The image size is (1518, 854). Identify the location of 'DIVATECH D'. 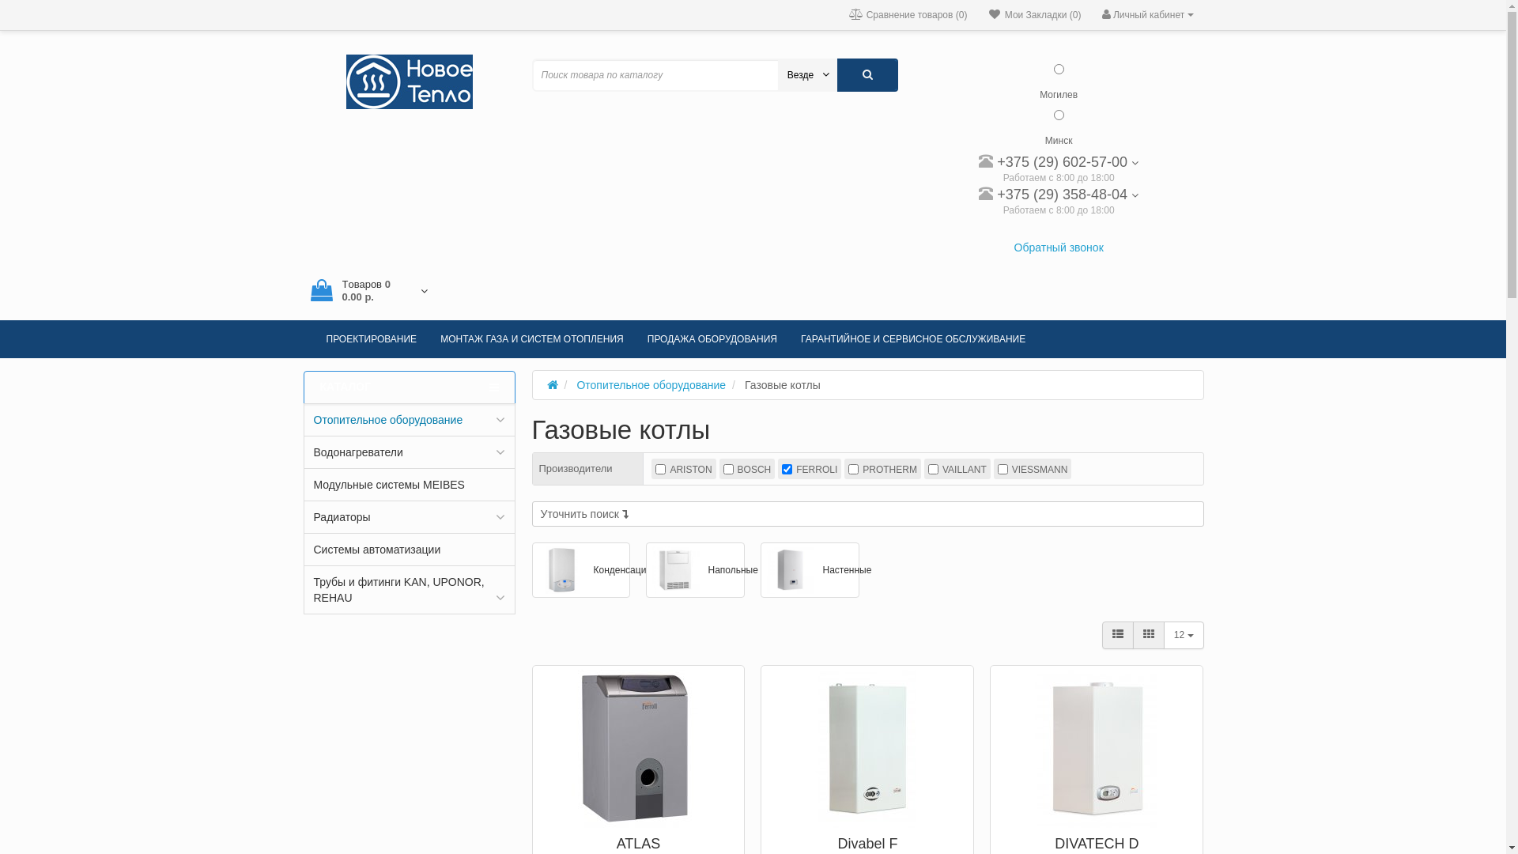
(1096, 843).